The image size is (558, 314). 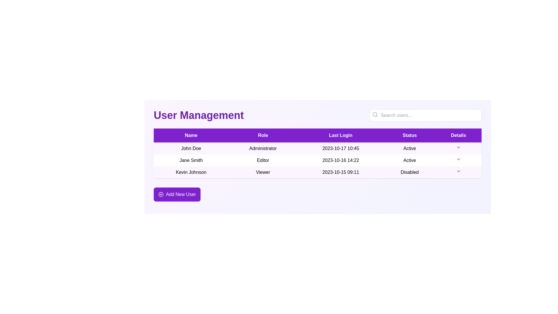 I want to click on on the text display field showing the name 'John Doe' under the 'Name' column, so click(x=191, y=148).